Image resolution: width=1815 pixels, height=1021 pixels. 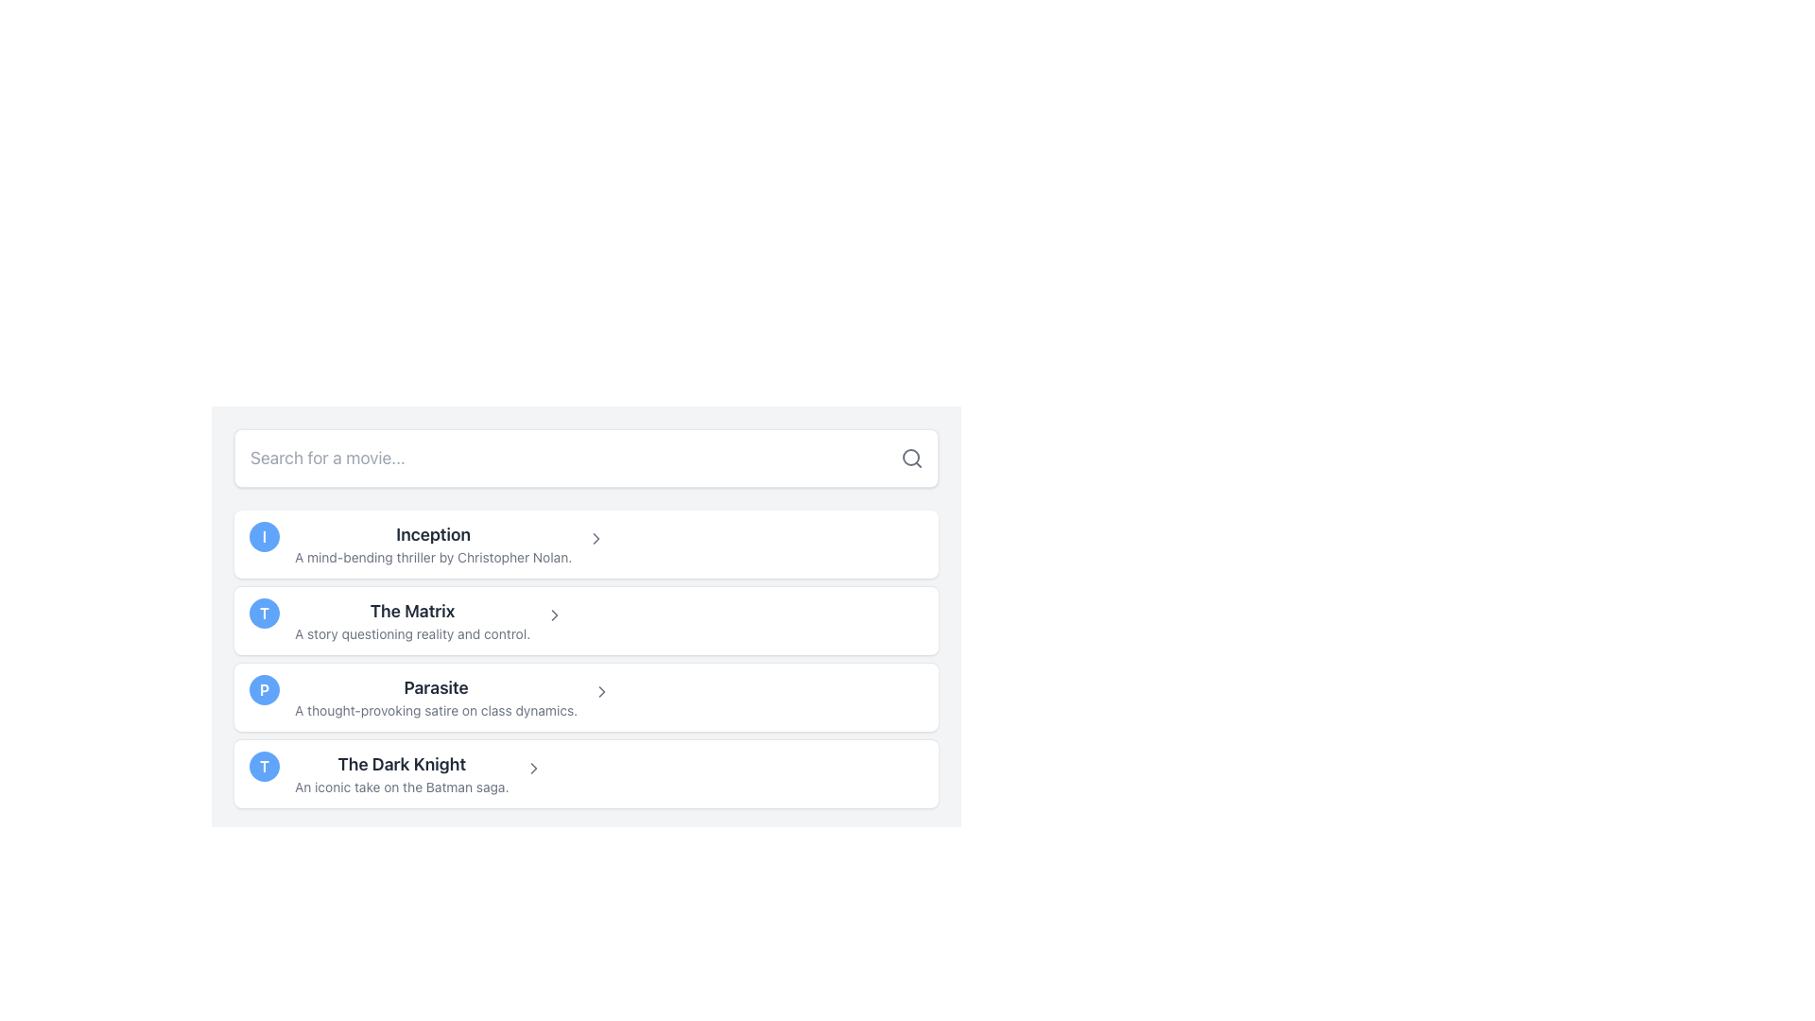 What do you see at coordinates (911, 459) in the screenshot?
I see `the circular magnifying glass icon at the right end of the search input field` at bounding box center [911, 459].